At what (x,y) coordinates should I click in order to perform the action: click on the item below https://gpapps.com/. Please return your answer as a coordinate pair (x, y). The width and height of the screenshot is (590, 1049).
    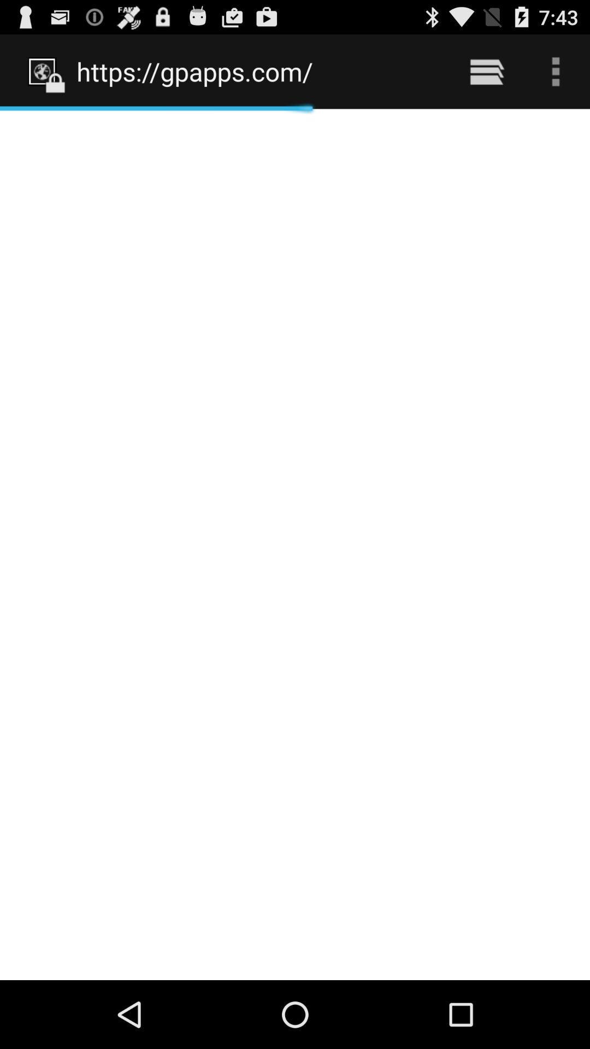
    Looking at the image, I should click on (295, 544).